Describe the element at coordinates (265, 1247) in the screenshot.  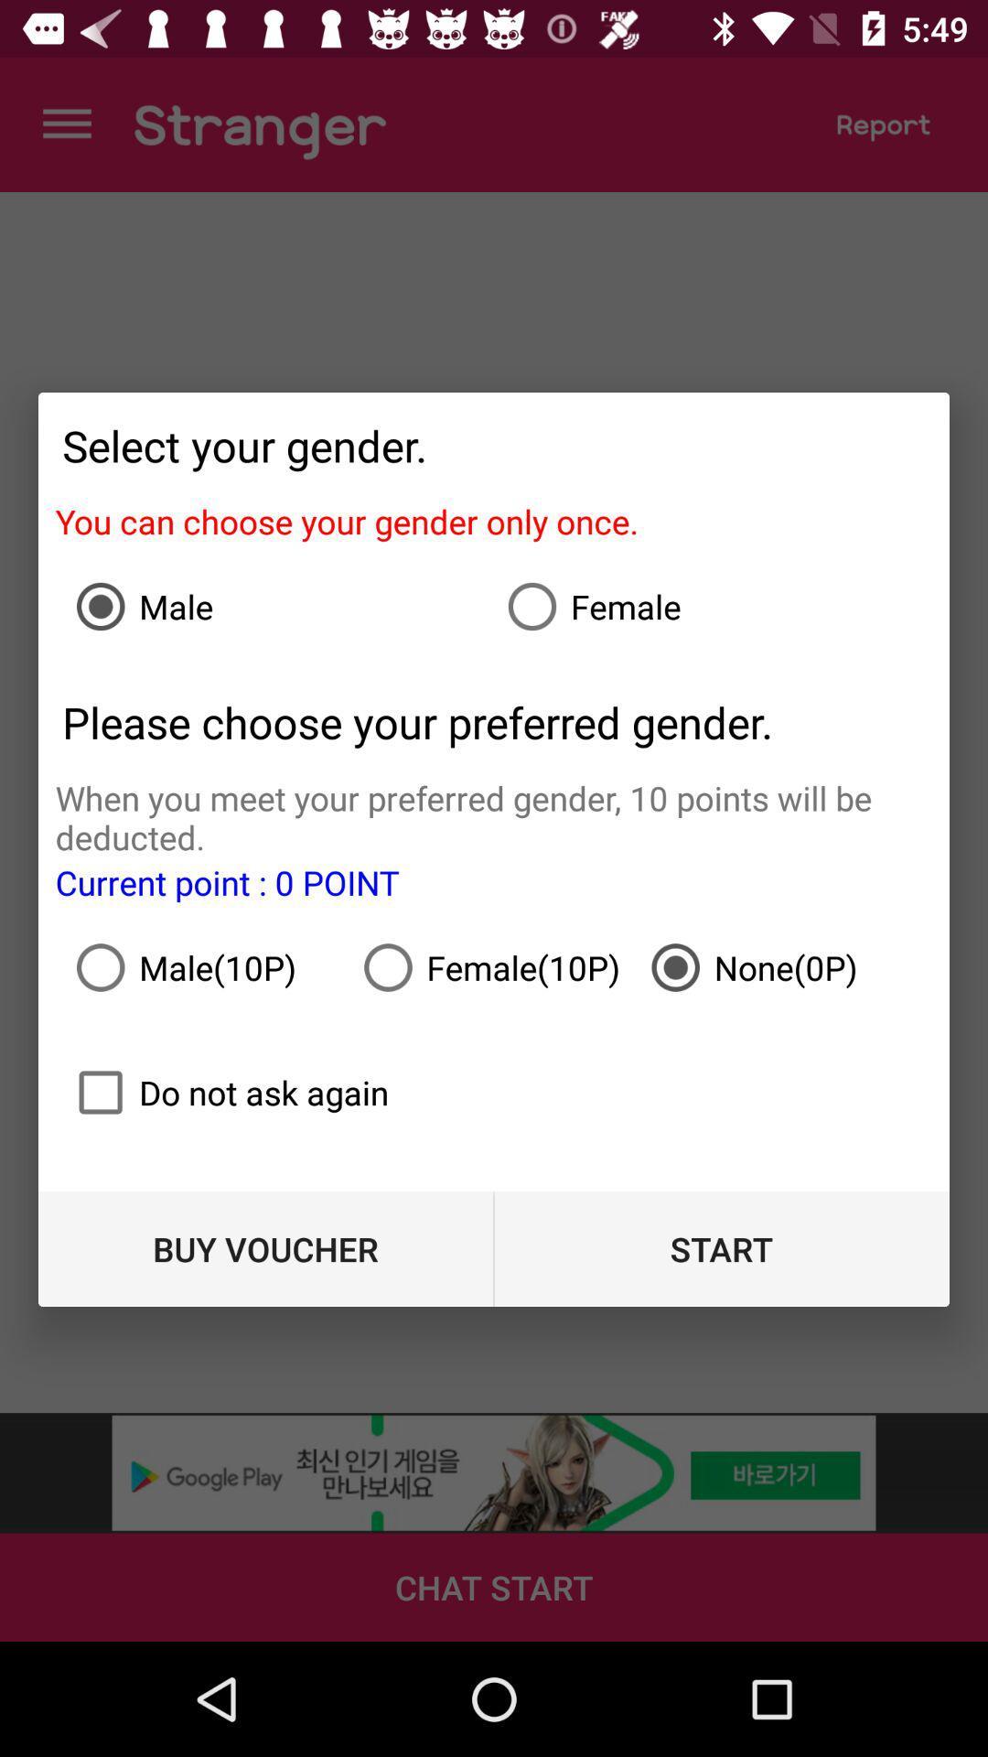
I see `icon next to start icon` at that location.